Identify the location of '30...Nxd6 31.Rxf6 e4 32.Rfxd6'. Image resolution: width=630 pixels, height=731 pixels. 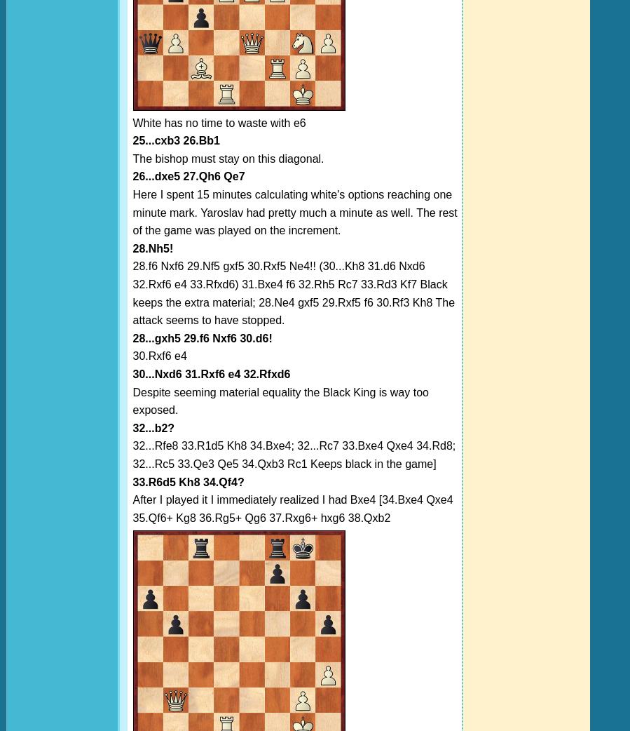
(210, 373).